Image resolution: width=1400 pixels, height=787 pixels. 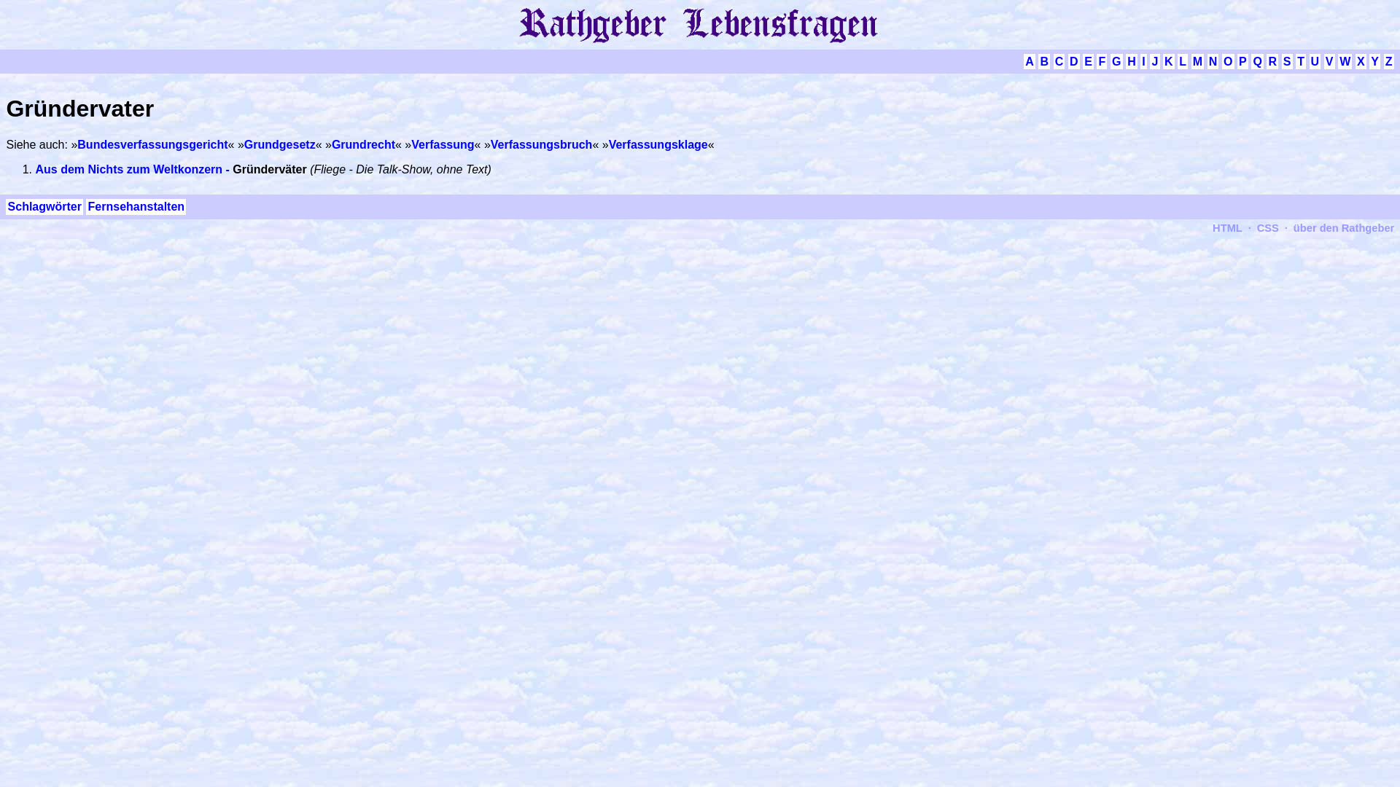 What do you see at coordinates (1125, 60) in the screenshot?
I see `'H'` at bounding box center [1125, 60].